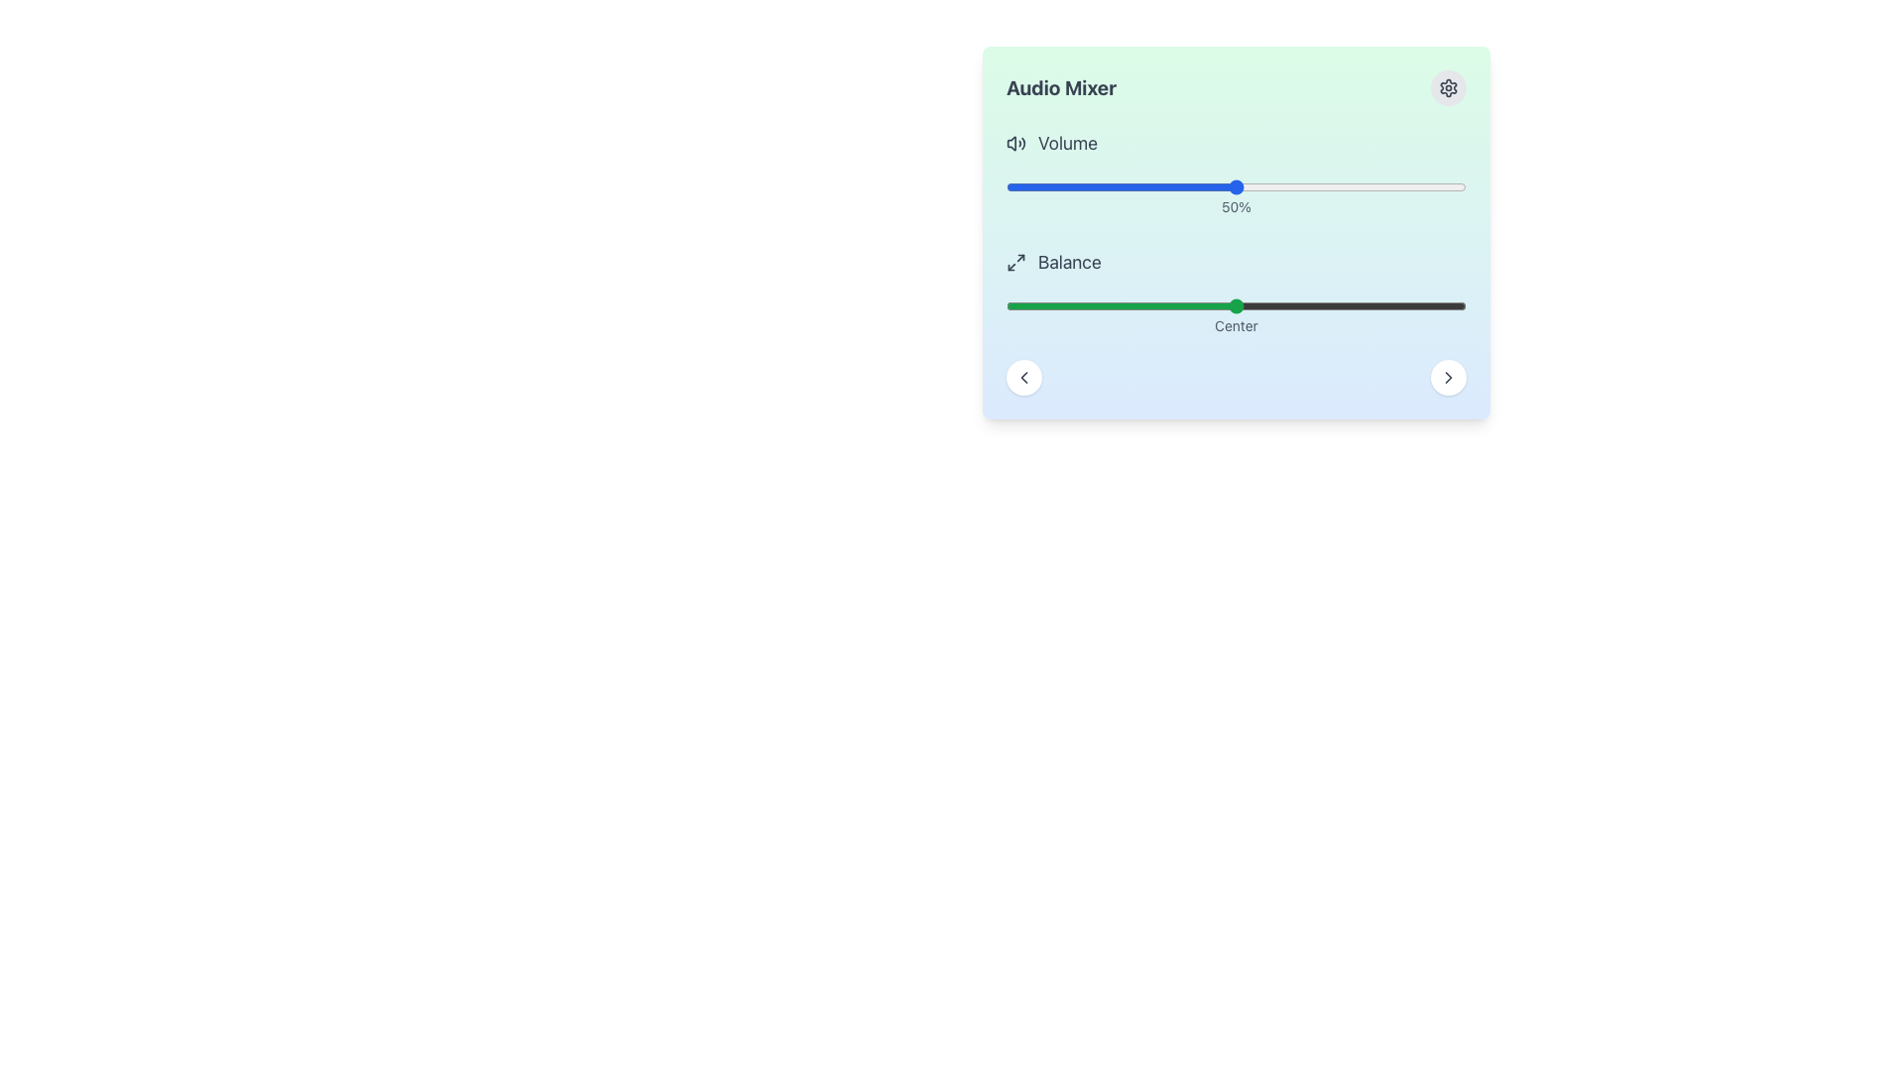 The height and width of the screenshot is (1071, 1904). What do you see at coordinates (1023, 378) in the screenshot?
I see `the back navigation button located near the bottom center of the interface` at bounding box center [1023, 378].